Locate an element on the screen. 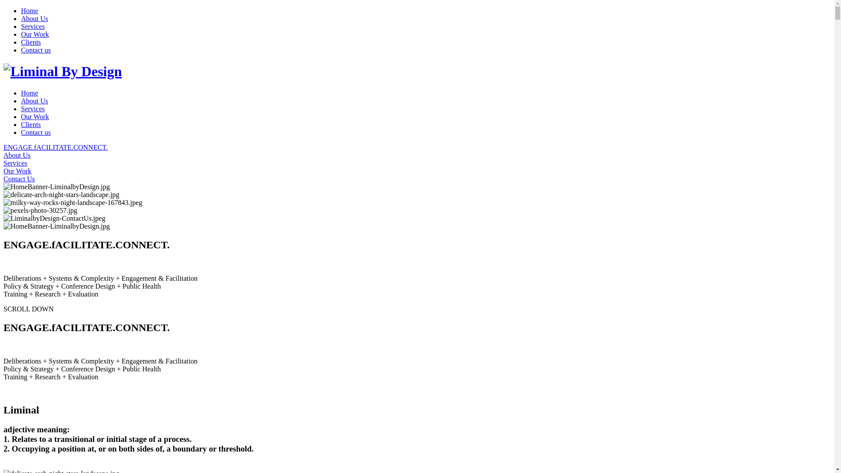 This screenshot has width=841, height=473. 'ENGAGE.fACILITATE.CONNECT.' is located at coordinates (417, 147).